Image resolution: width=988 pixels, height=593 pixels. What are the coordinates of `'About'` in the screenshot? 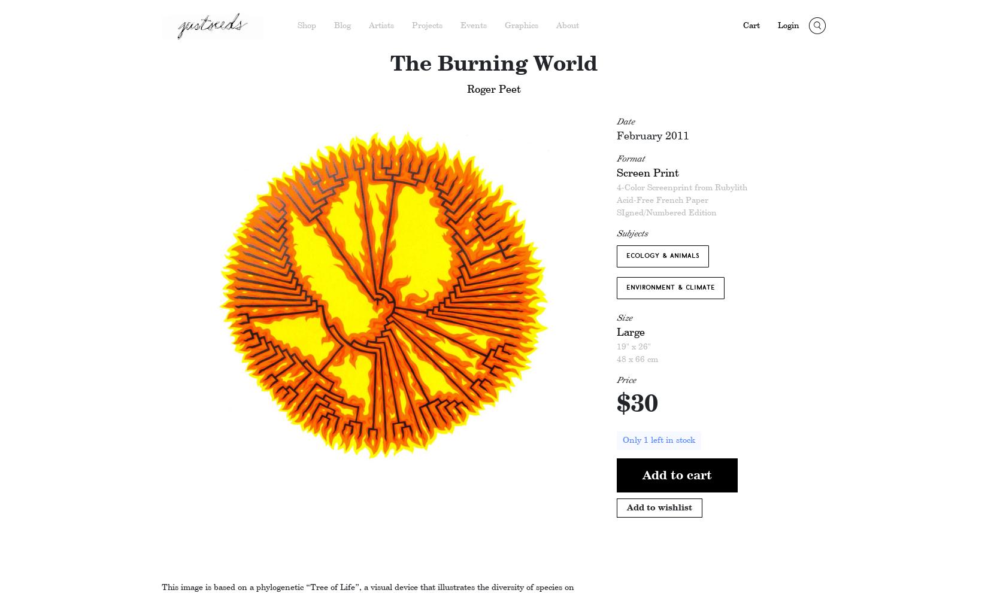 It's located at (567, 25).